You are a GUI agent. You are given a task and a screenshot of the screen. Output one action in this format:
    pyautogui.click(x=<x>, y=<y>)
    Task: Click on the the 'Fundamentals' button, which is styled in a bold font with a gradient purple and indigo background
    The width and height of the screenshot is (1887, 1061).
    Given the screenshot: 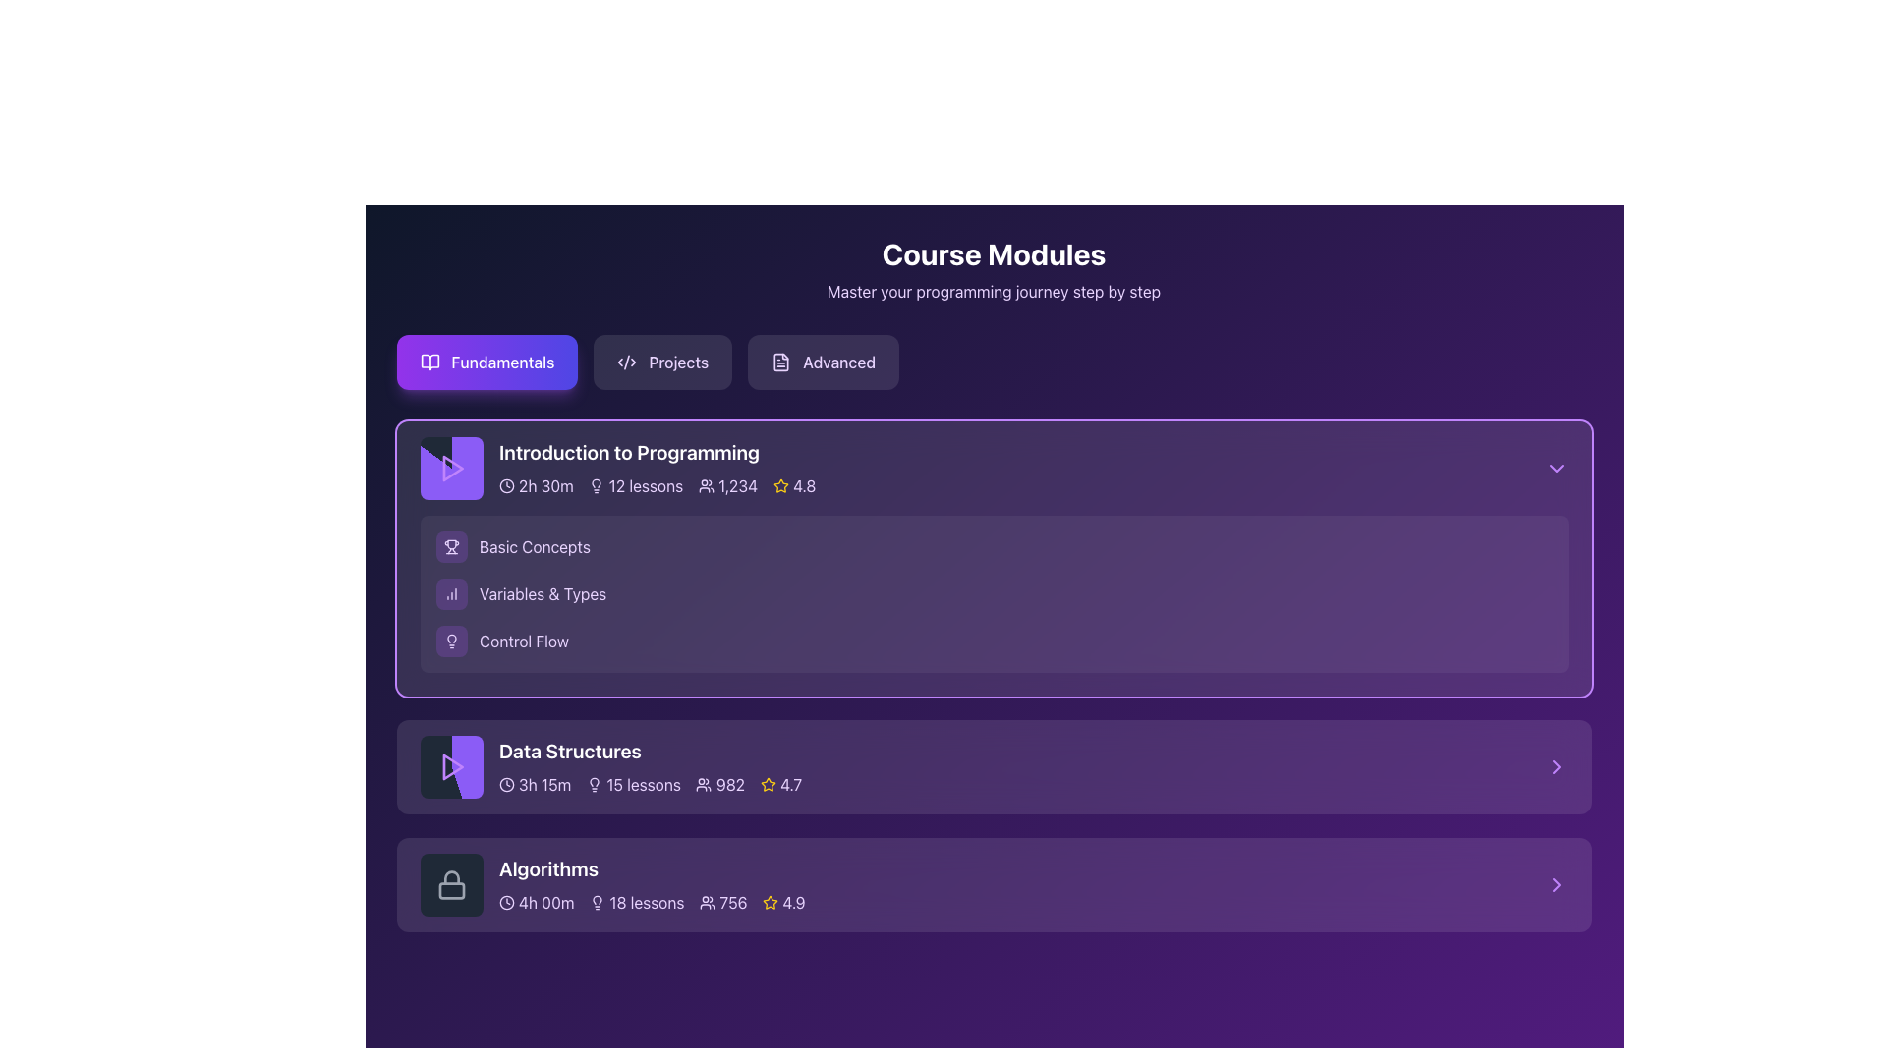 What is the action you would take?
    pyautogui.click(x=502, y=363)
    